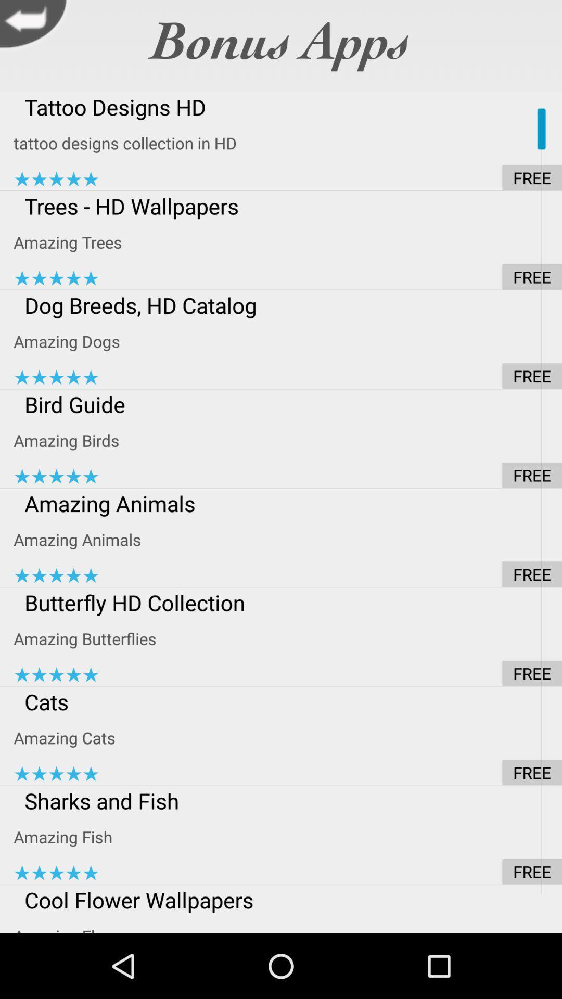 The height and width of the screenshot is (999, 562). What do you see at coordinates (35, 27) in the screenshot?
I see `go back` at bounding box center [35, 27].